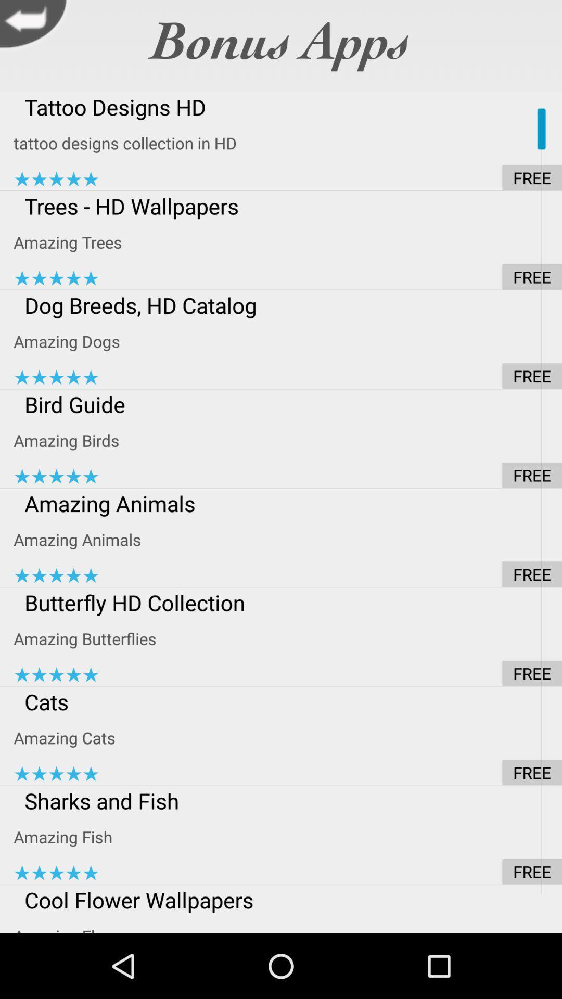 The height and width of the screenshot is (999, 562). What do you see at coordinates (35, 27) in the screenshot?
I see `go back` at bounding box center [35, 27].